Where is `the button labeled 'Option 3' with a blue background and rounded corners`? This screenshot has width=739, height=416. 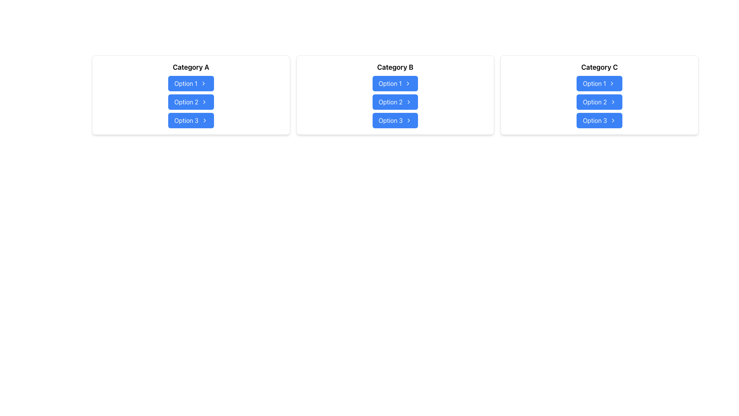
the button labeled 'Option 3' with a blue background and rounded corners is located at coordinates (599, 120).